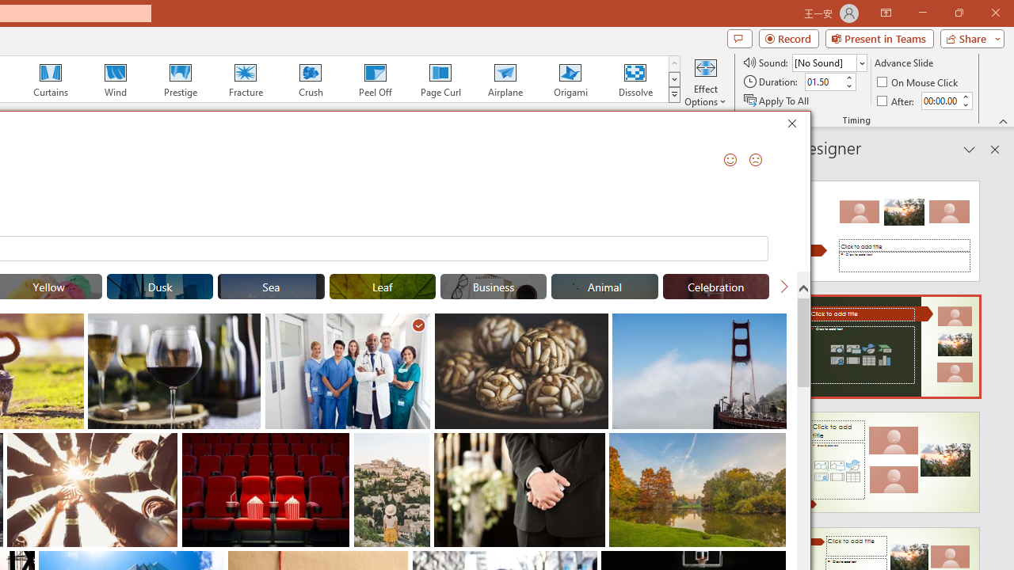 The height and width of the screenshot is (570, 1014). Describe the element at coordinates (922, 13) in the screenshot. I see `'Minimize'` at that location.